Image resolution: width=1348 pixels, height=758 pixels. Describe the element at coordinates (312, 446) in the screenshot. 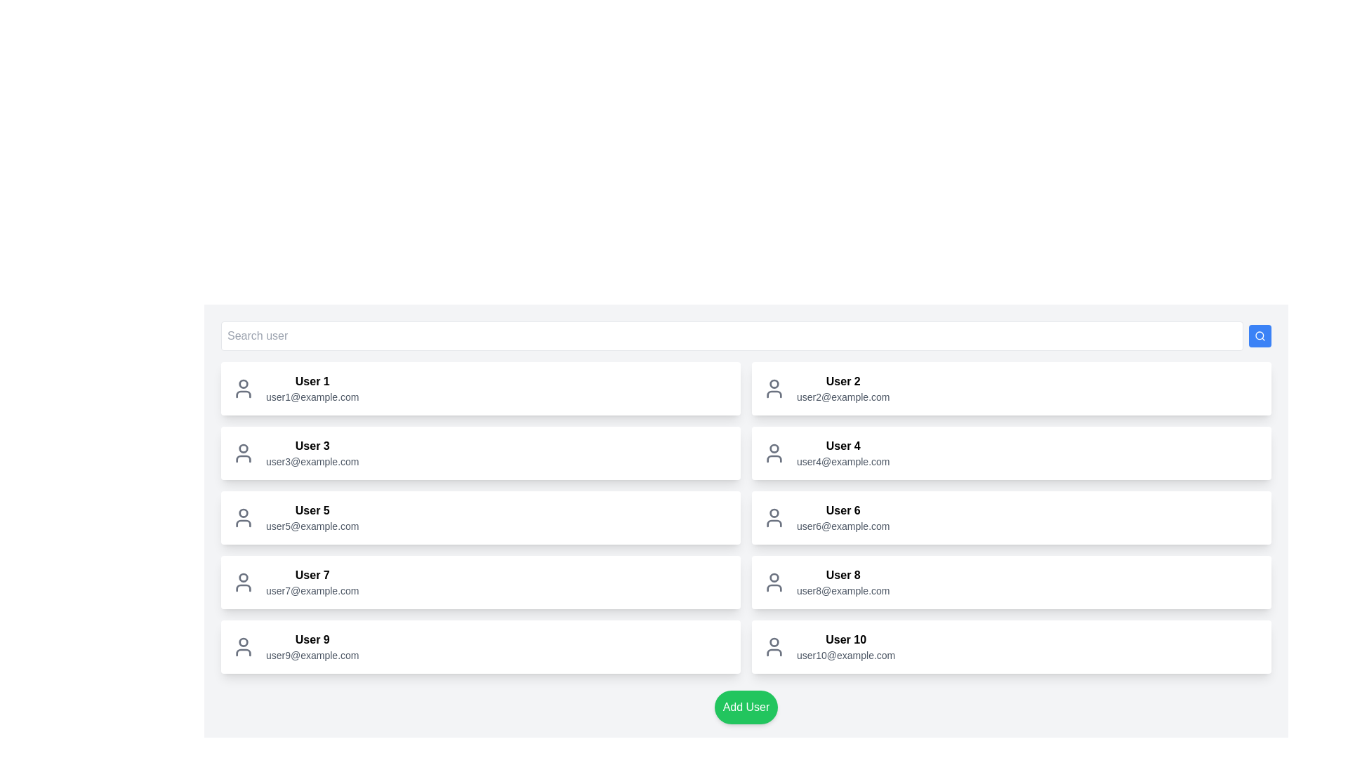

I see `the text label identifying the user as 'User 3' in the user listing interface` at that location.